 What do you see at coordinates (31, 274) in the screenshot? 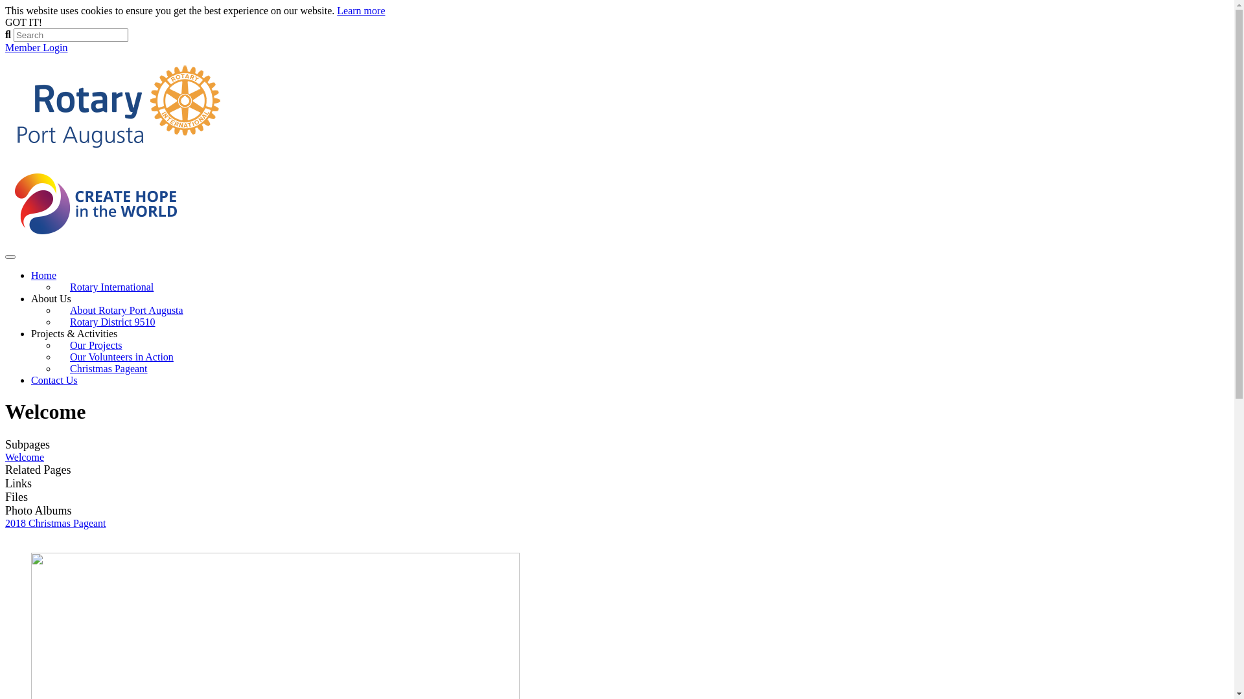
I see `'Home'` at bounding box center [31, 274].